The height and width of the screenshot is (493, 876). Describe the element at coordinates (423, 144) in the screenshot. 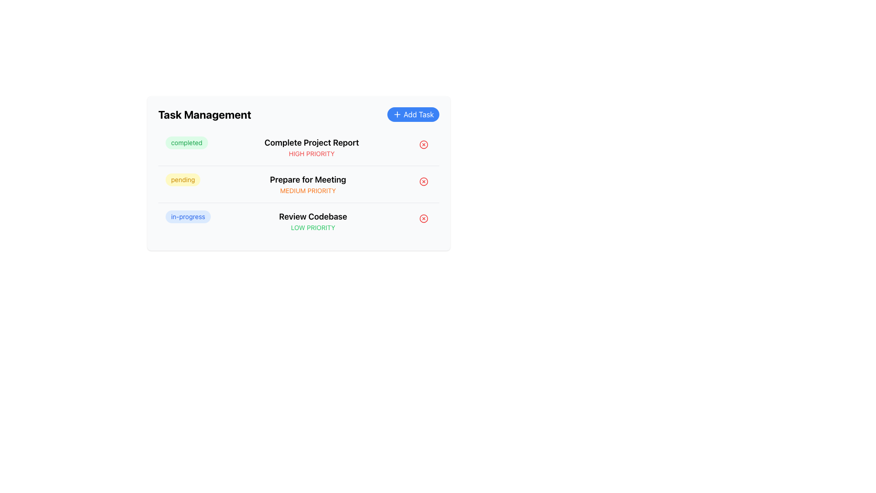

I see `the button` at that location.